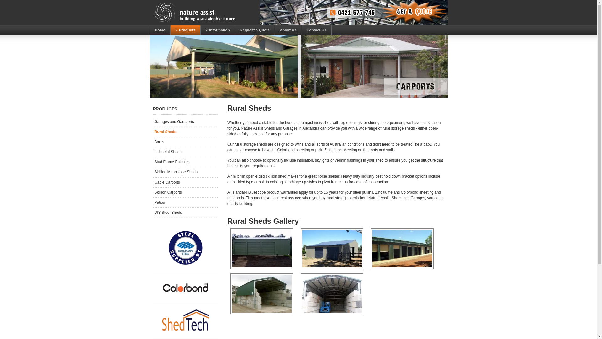 This screenshot has width=602, height=339. I want to click on 'Stud Frame Buildings', so click(153, 162).